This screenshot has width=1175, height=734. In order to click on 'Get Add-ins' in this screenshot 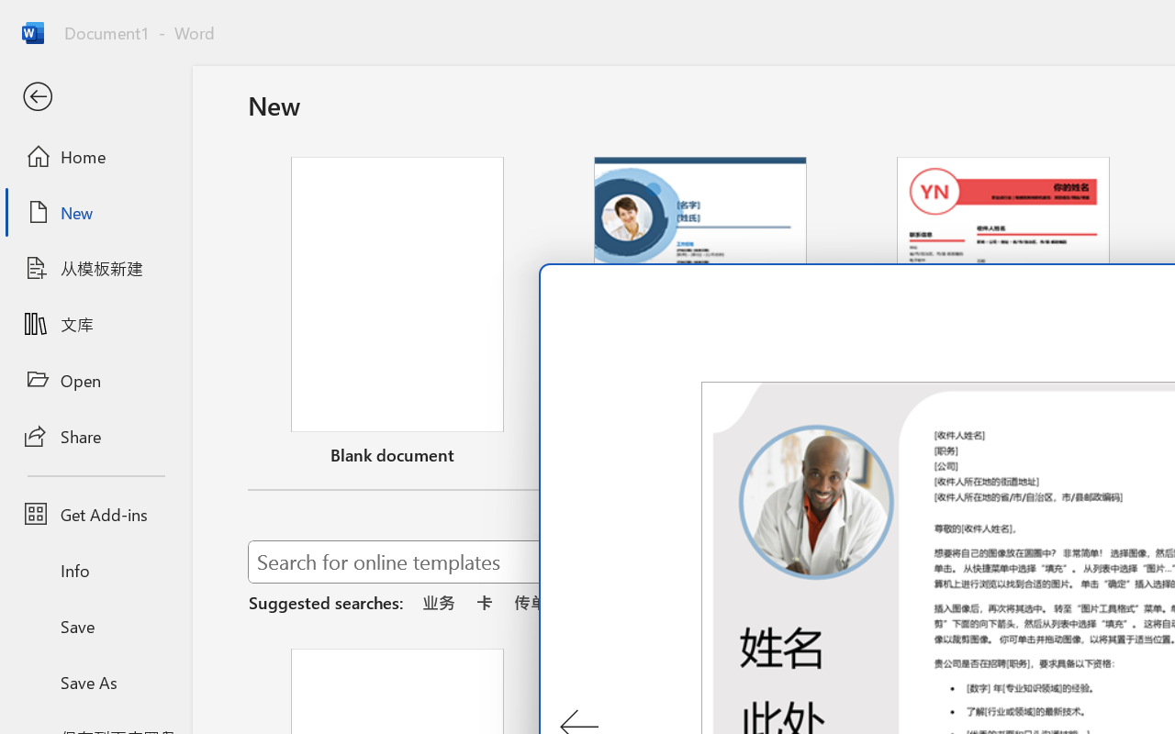, I will do `click(95, 514)`.